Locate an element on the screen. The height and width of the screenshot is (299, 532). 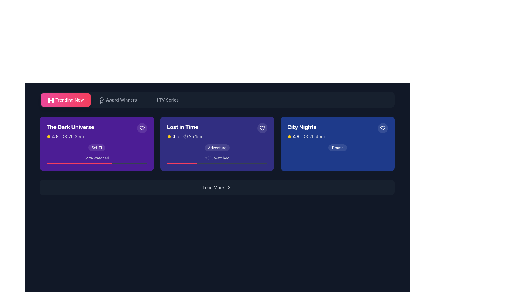
the badge label indicating the genre or category of the content 'The Dark Universe', located at the center bottom of the card, positioned below the duration and rating elements is located at coordinates (97, 147).